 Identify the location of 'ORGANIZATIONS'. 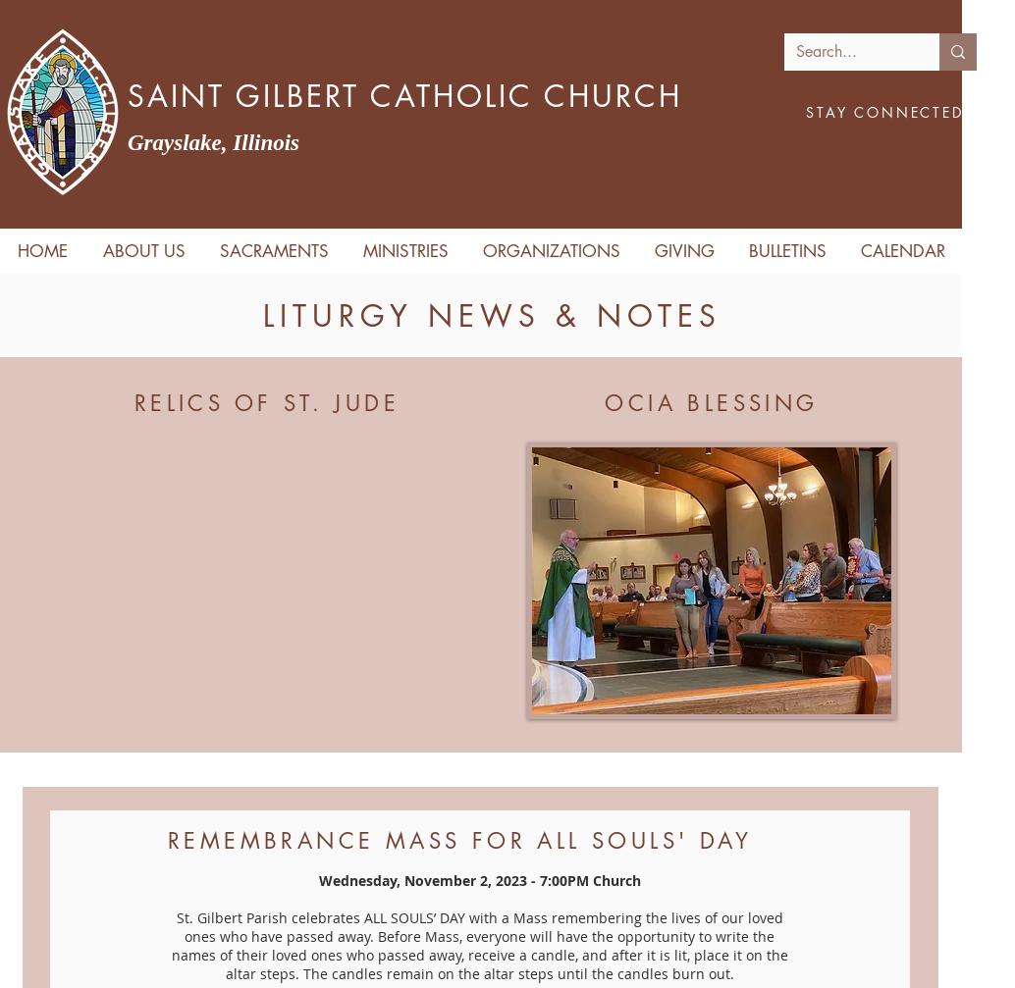
(481, 250).